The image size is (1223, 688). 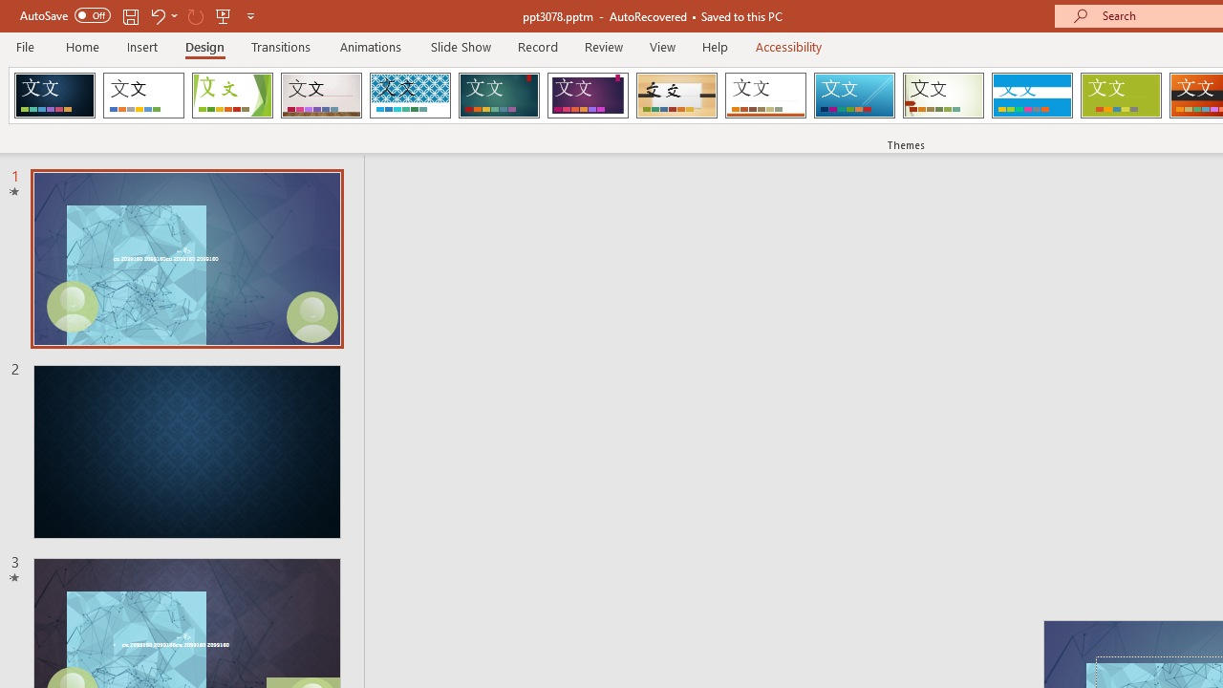 I want to click on 'Banded', so click(x=1031, y=96).